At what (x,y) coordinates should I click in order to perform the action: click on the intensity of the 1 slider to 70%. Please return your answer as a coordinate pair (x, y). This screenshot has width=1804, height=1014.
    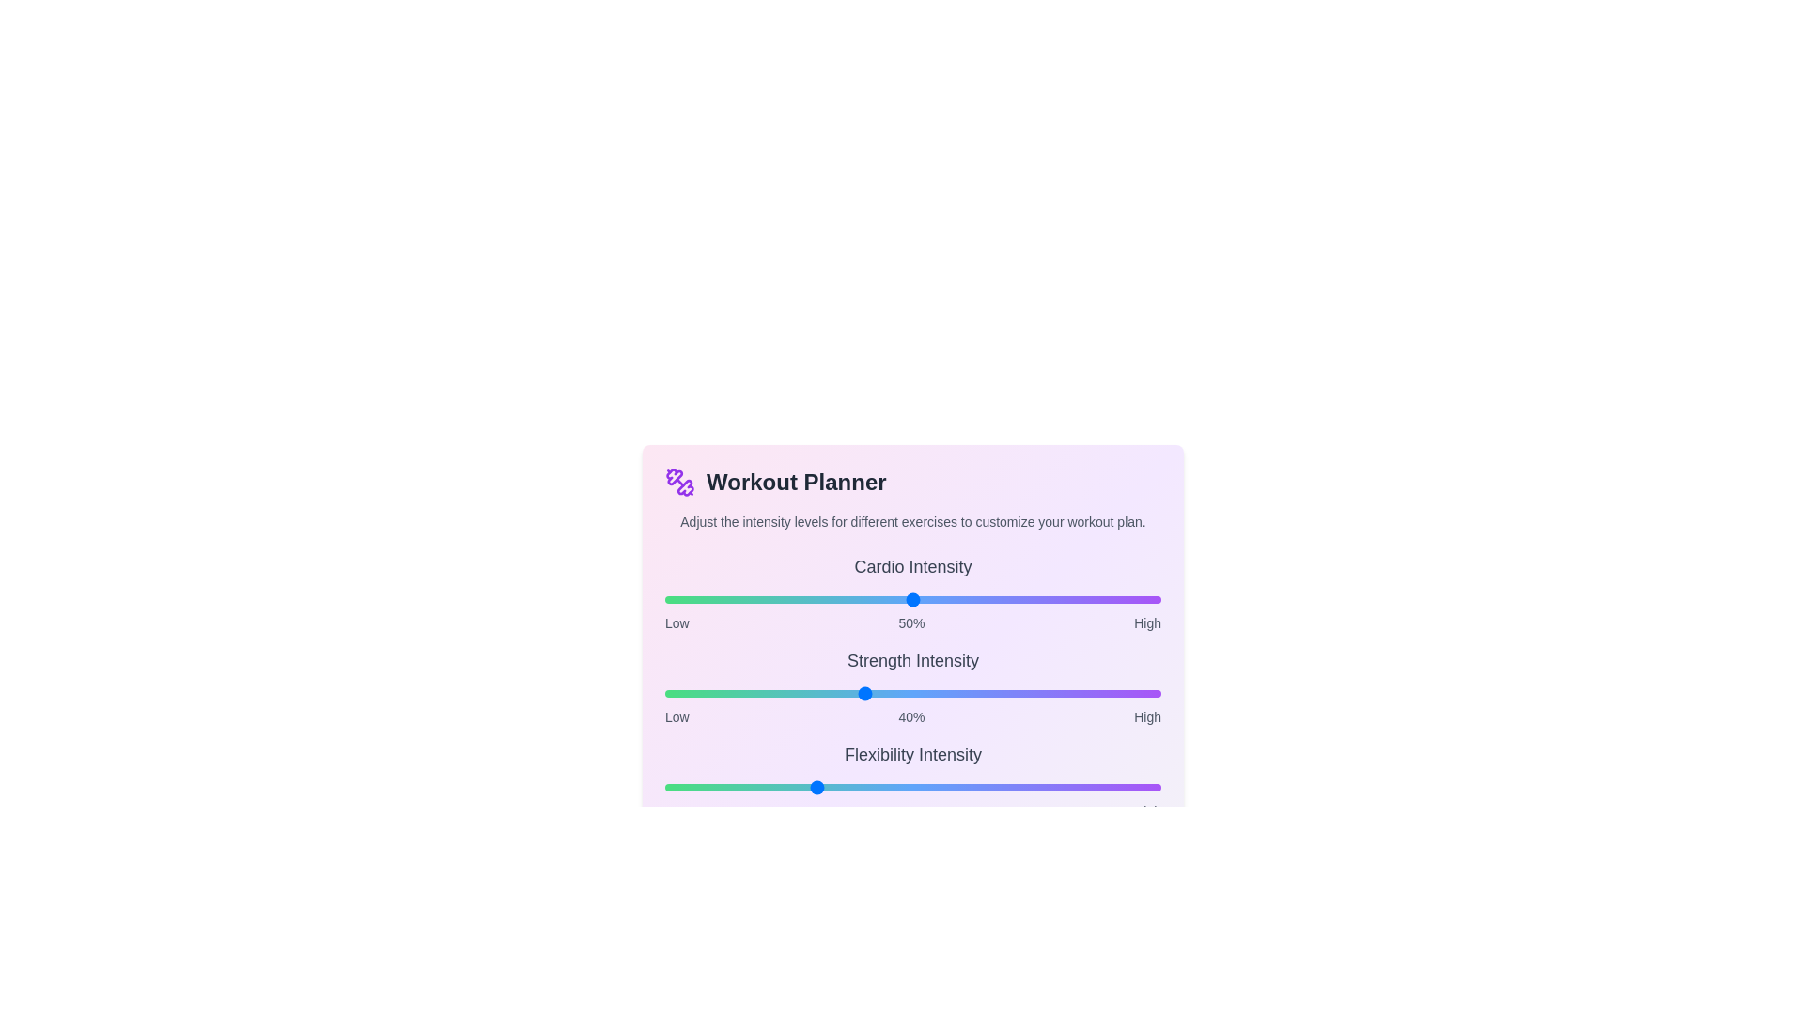
    Looking at the image, I should click on (1011, 694).